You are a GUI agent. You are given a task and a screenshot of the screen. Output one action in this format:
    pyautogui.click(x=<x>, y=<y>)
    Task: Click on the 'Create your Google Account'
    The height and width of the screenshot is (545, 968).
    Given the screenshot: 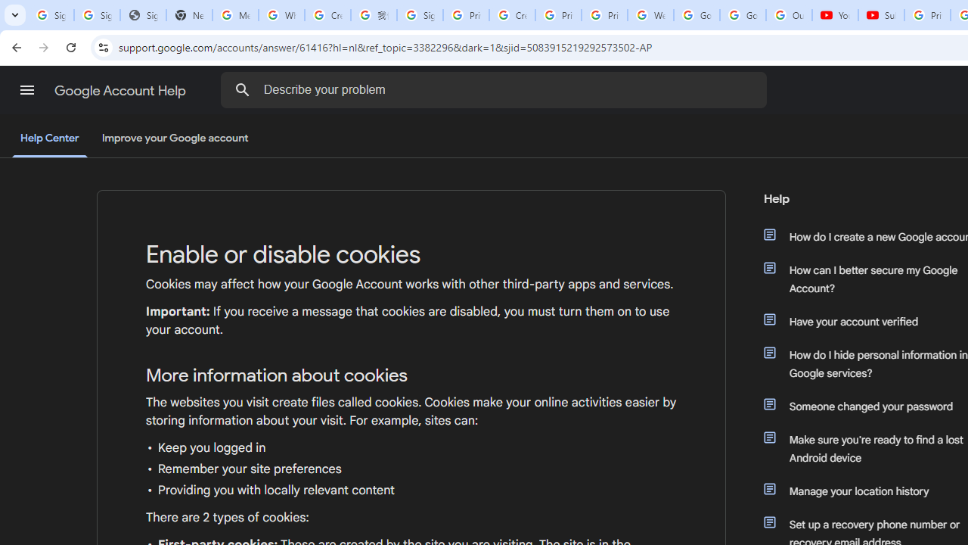 What is the action you would take?
    pyautogui.click(x=512, y=15)
    